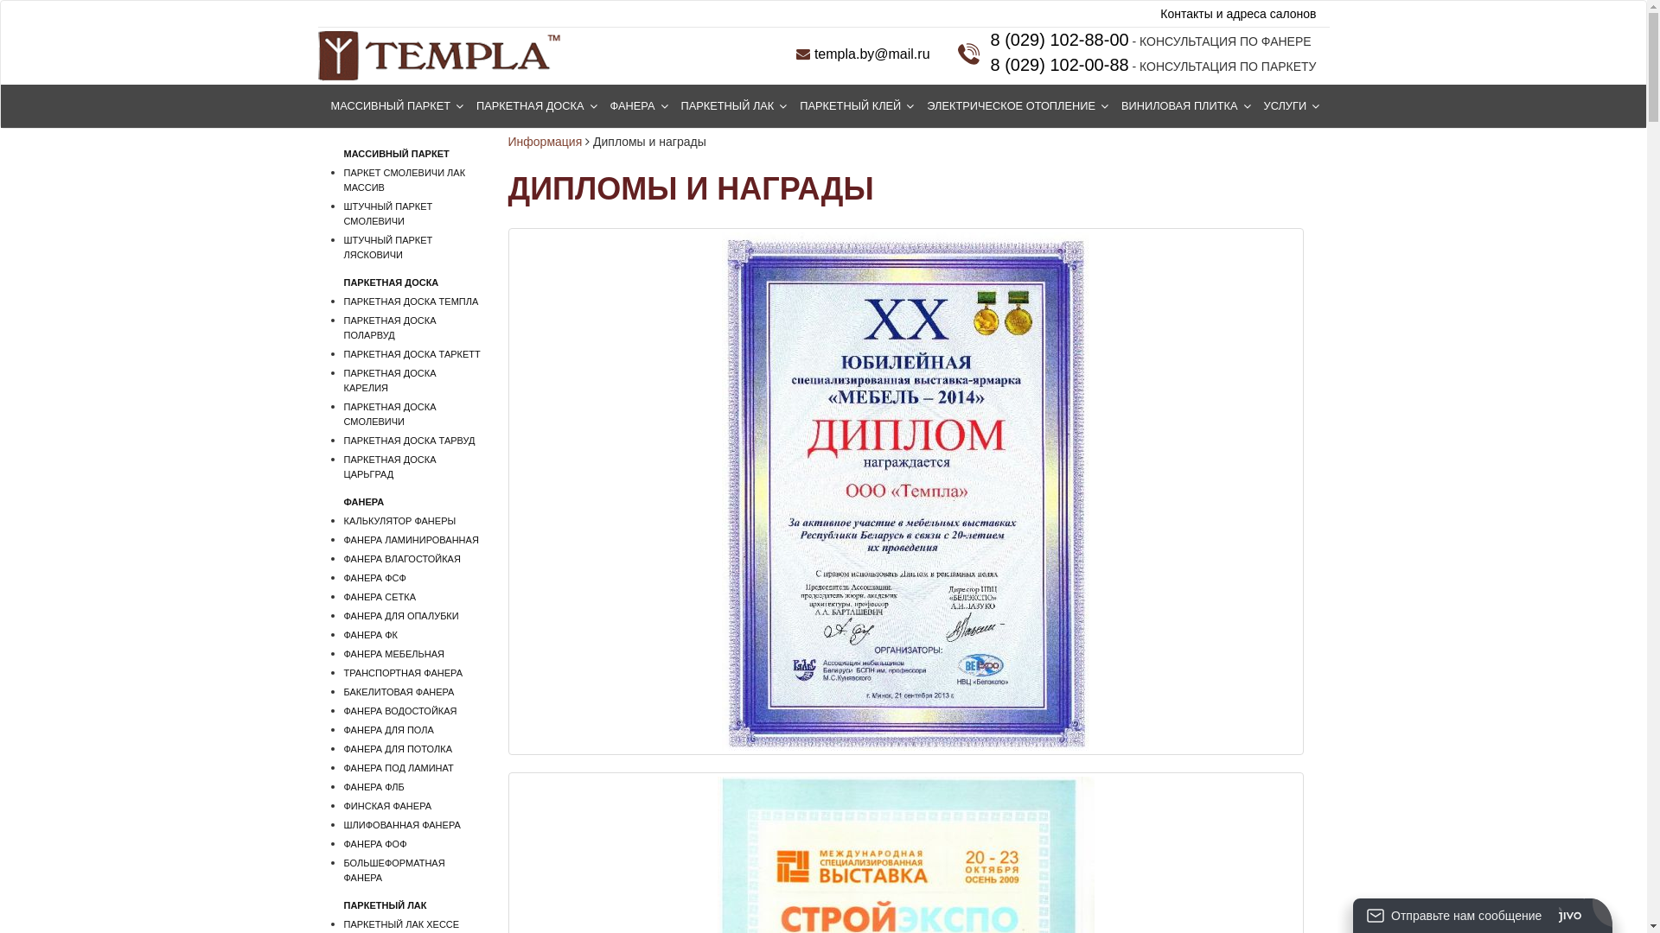 The height and width of the screenshot is (933, 1660). Describe the element at coordinates (863, 53) in the screenshot. I see `'templa.by@mail.ru'` at that location.